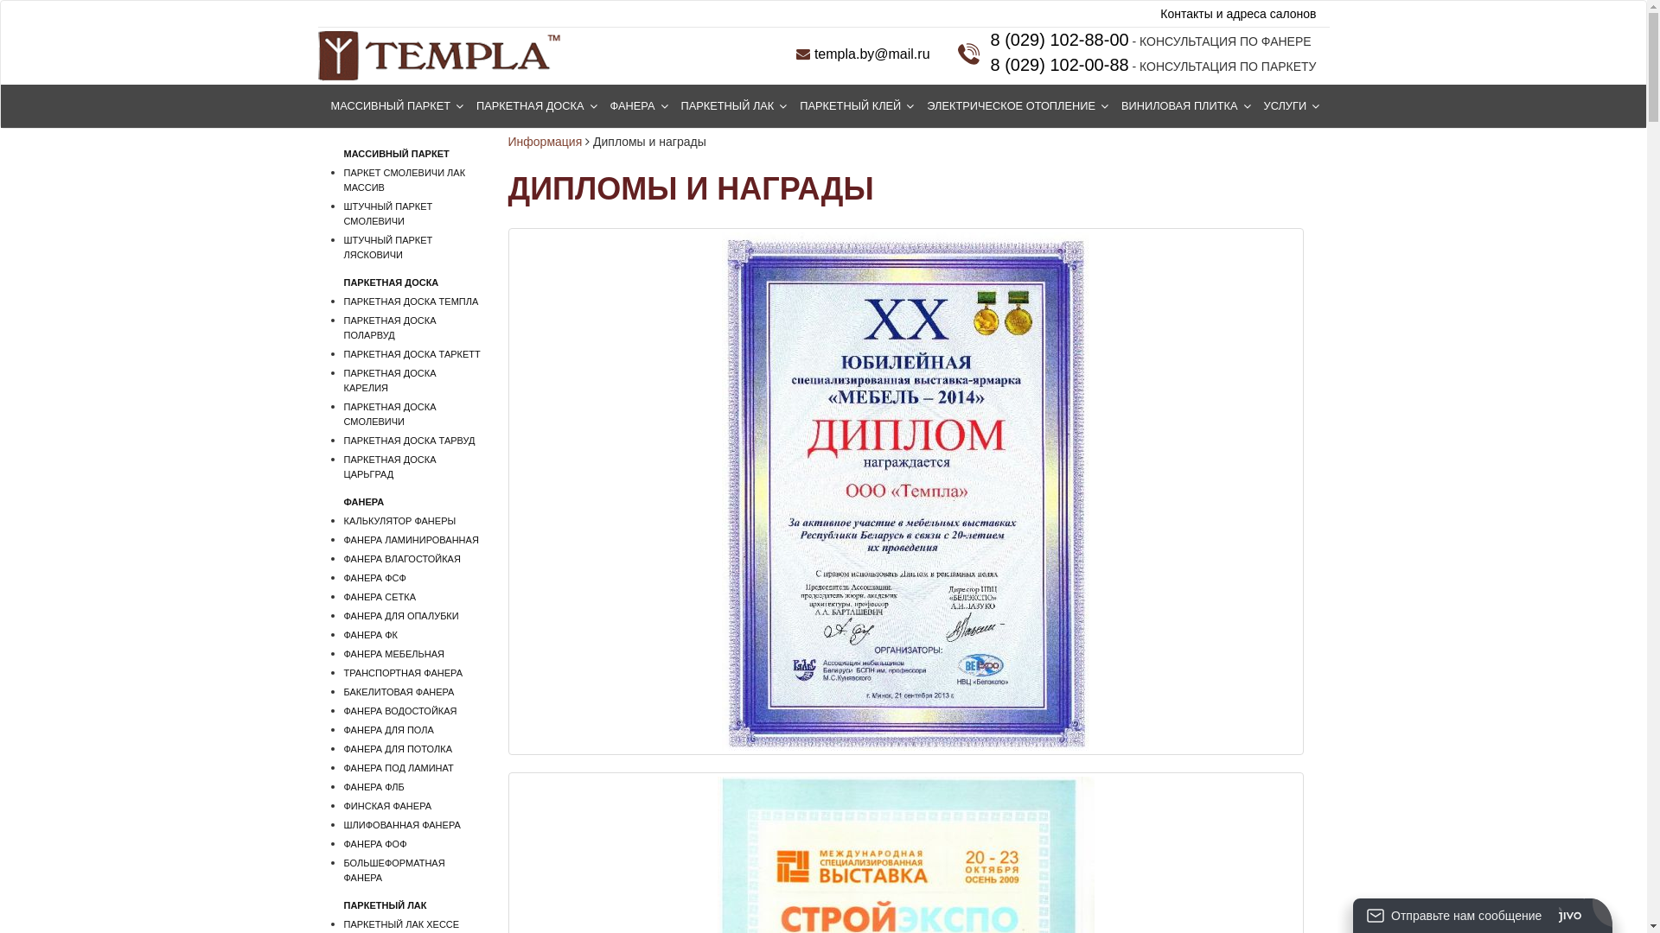 The height and width of the screenshot is (933, 1660). Describe the element at coordinates (863, 53) in the screenshot. I see `'templa.by@mail.ru'` at that location.